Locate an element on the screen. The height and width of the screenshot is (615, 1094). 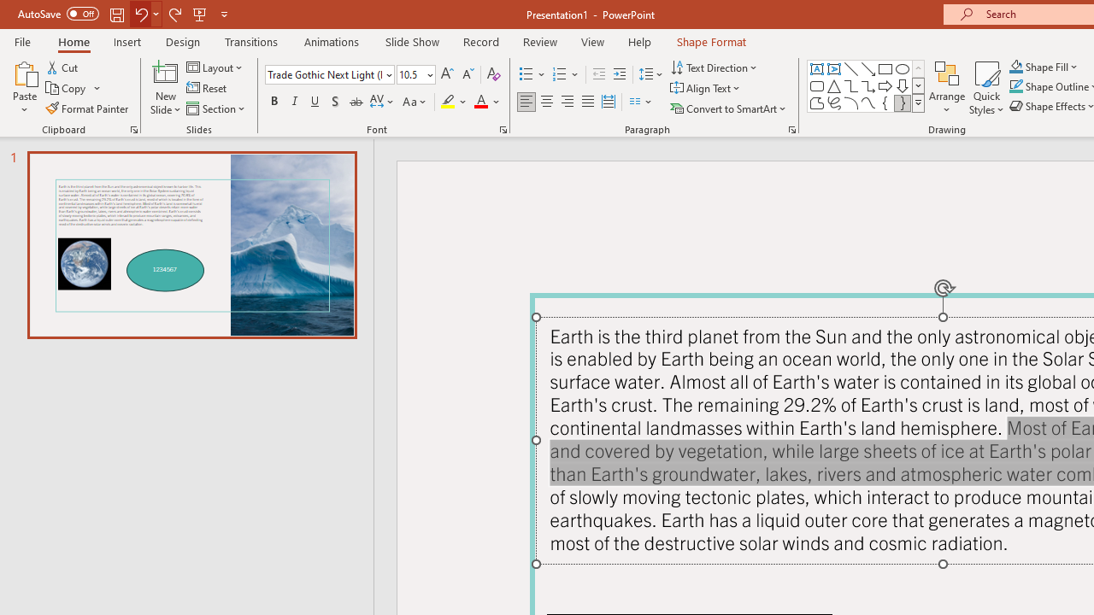
'Right Brace' is located at coordinates (902, 102).